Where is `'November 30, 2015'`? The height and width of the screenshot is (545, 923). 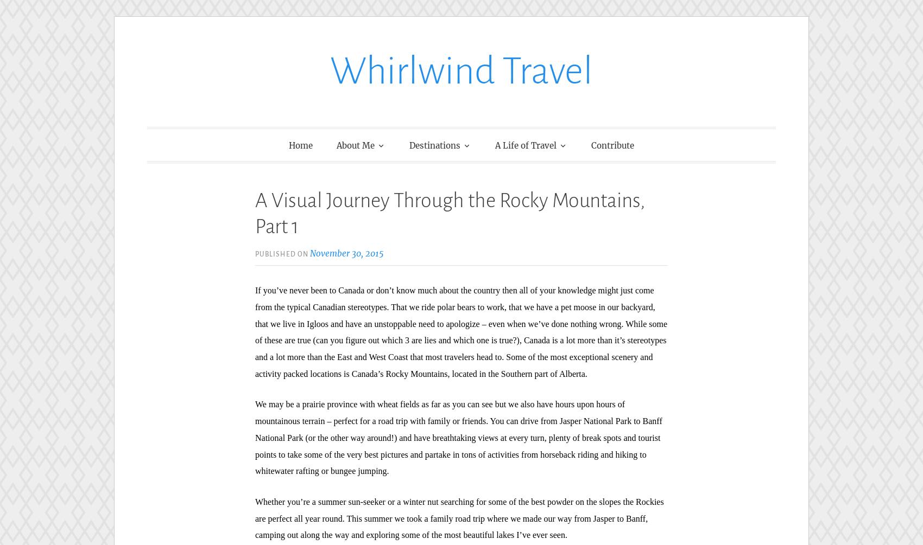
'November 30, 2015' is located at coordinates (346, 253).